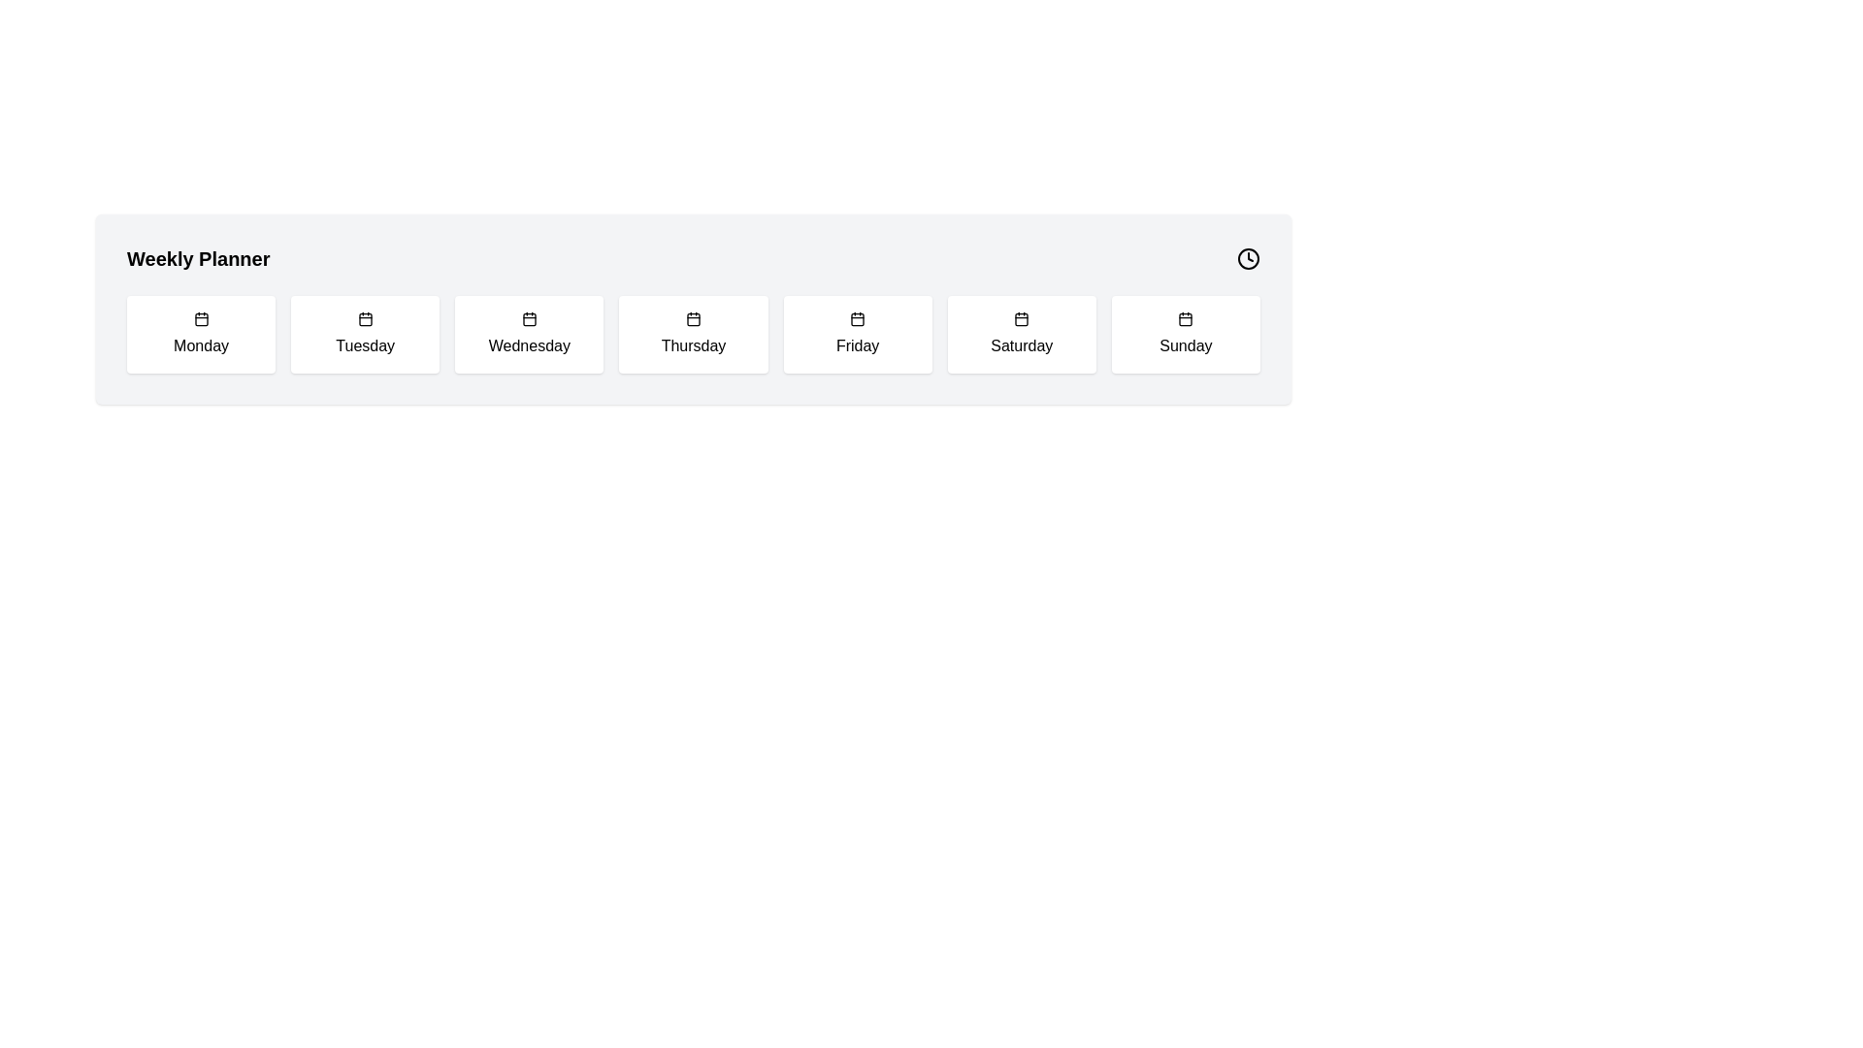 The image size is (1863, 1048). What do you see at coordinates (694, 333) in the screenshot?
I see `the day card in the weekly planner grid layout` at bounding box center [694, 333].